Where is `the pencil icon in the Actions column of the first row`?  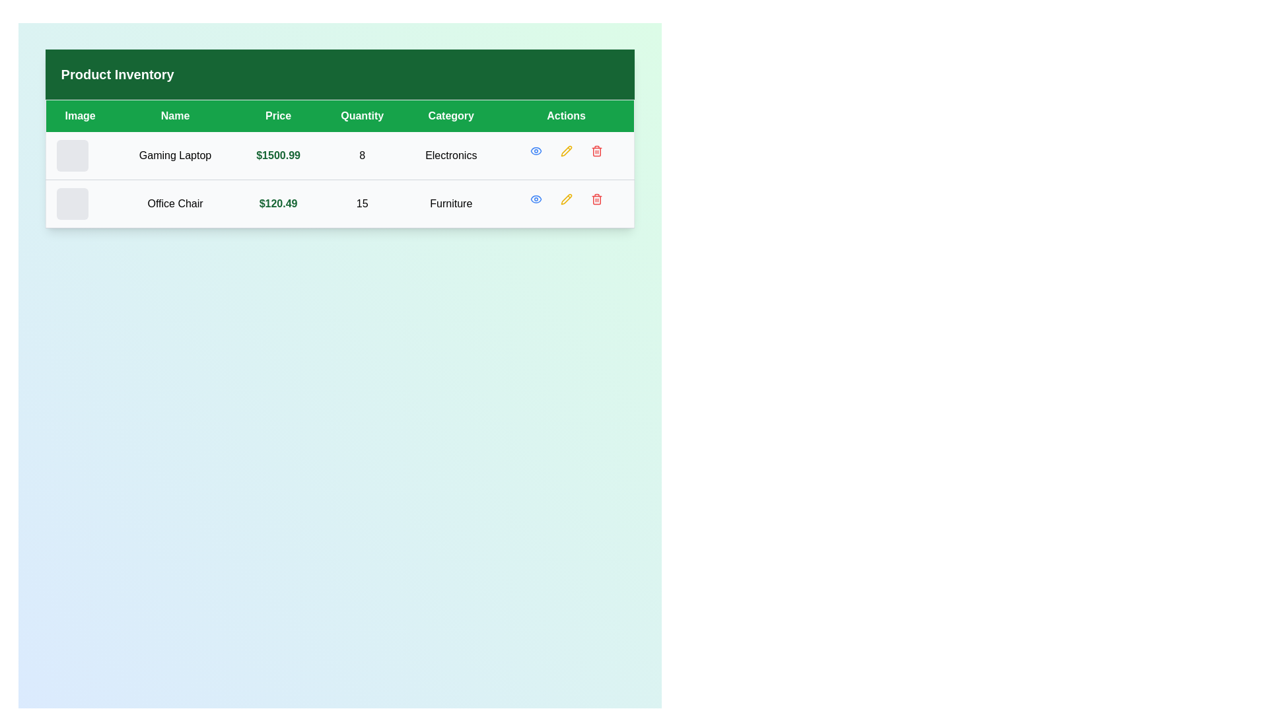
the pencil icon in the Actions column of the first row is located at coordinates (566, 199).